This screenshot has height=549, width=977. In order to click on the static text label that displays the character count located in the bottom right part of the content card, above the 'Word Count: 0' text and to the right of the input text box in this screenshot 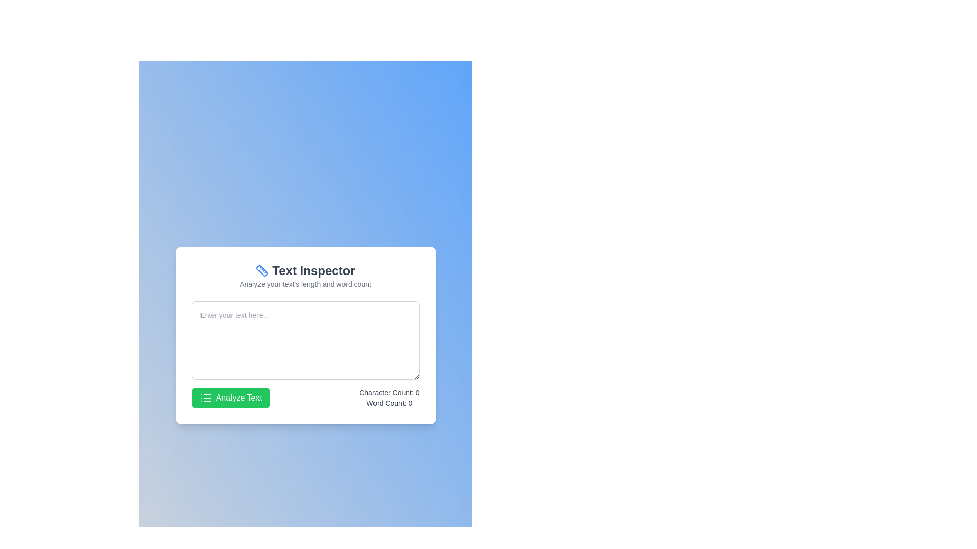, I will do `click(389, 392)`.